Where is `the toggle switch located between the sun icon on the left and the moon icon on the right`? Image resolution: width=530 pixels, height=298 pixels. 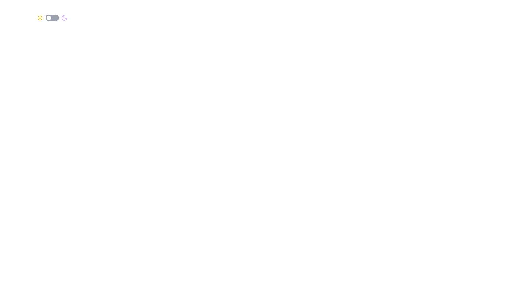
the toggle switch located between the sun icon on the left and the moon icon on the right is located at coordinates (52, 18).